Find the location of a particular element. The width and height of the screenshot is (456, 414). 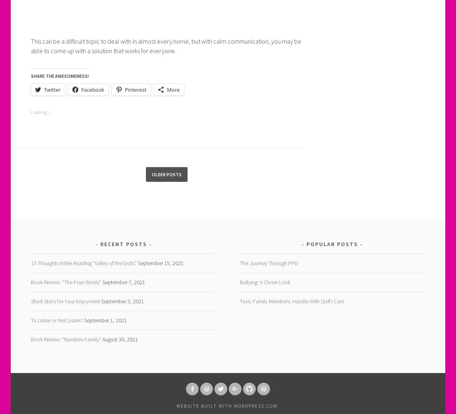

'September 1, 2021' is located at coordinates (104, 320).